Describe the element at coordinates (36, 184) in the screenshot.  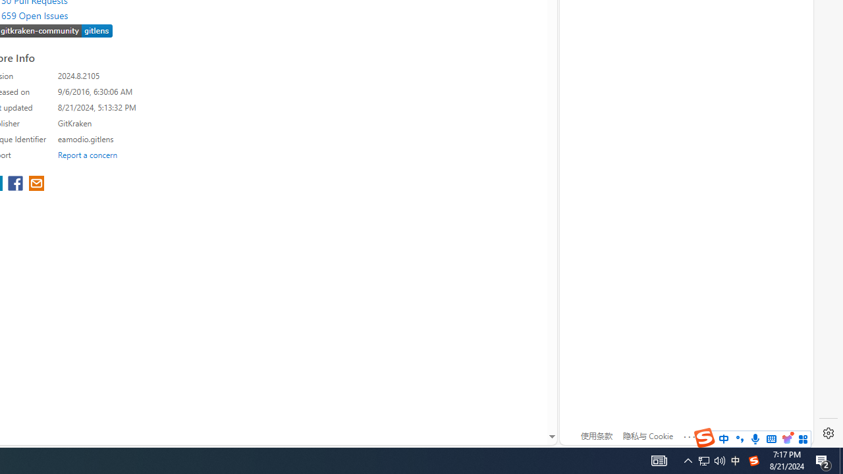
I see `'share extension on email'` at that location.